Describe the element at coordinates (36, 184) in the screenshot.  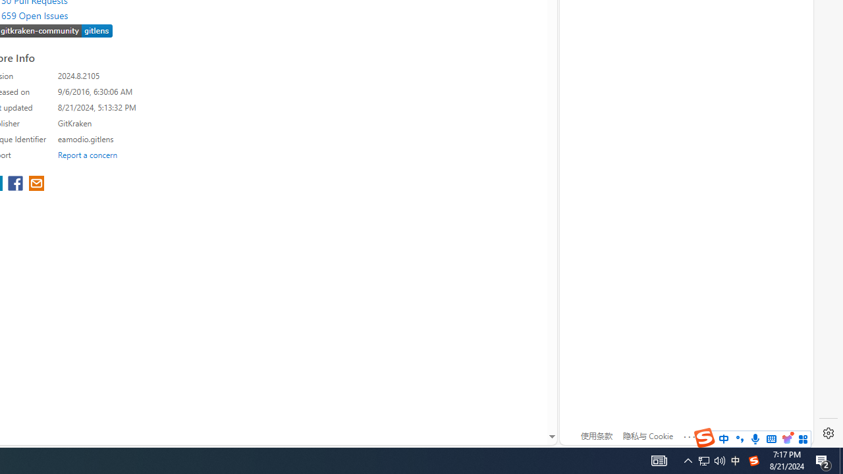
I see `'share extension on email'` at that location.